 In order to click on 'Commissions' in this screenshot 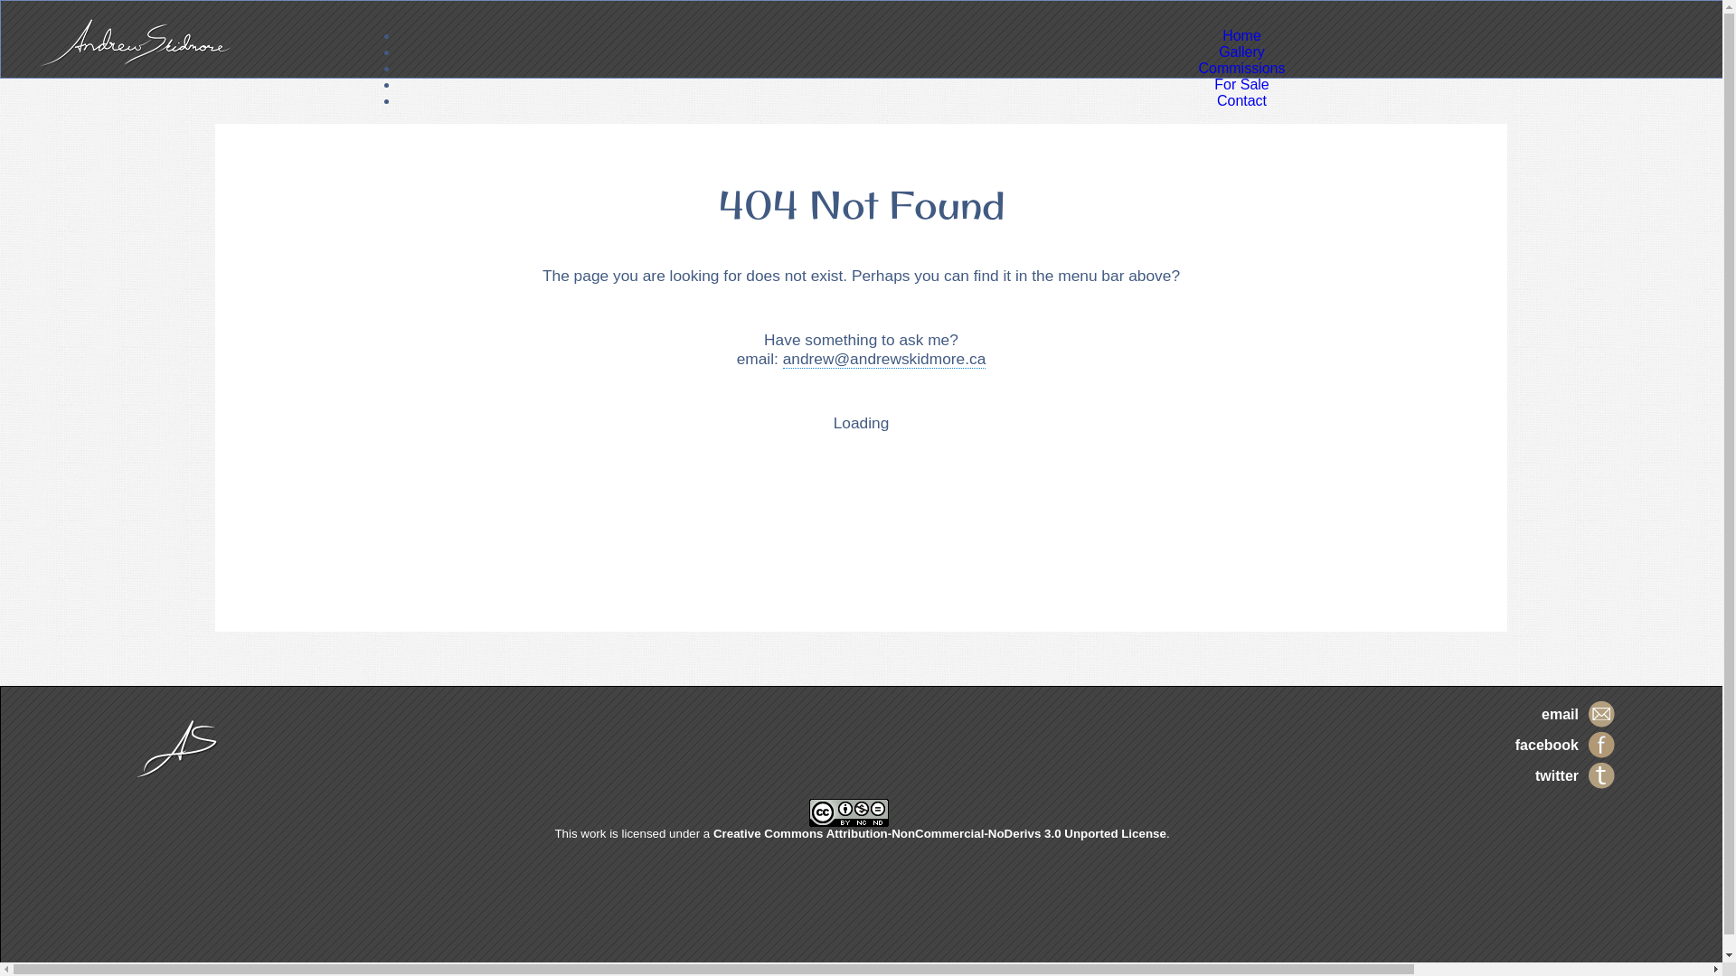, I will do `click(1240, 67)`.